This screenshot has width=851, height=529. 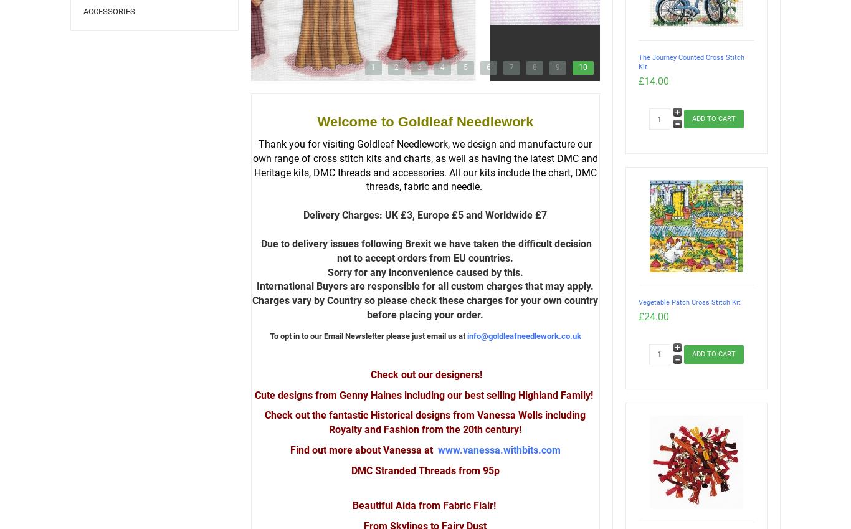 What do you see at coordinates (424, 164) in the screenshot?
I see `'Thank you for visiting Goldleaf Needlework, we design and manufacture our own range of cross stitch kits and charts, as well as having the latest DMC and Heritage kits, DMC threads and accessories. All our kits include the chart, DMC threads, fabric and needle.'` at bounding box center [424, 164].